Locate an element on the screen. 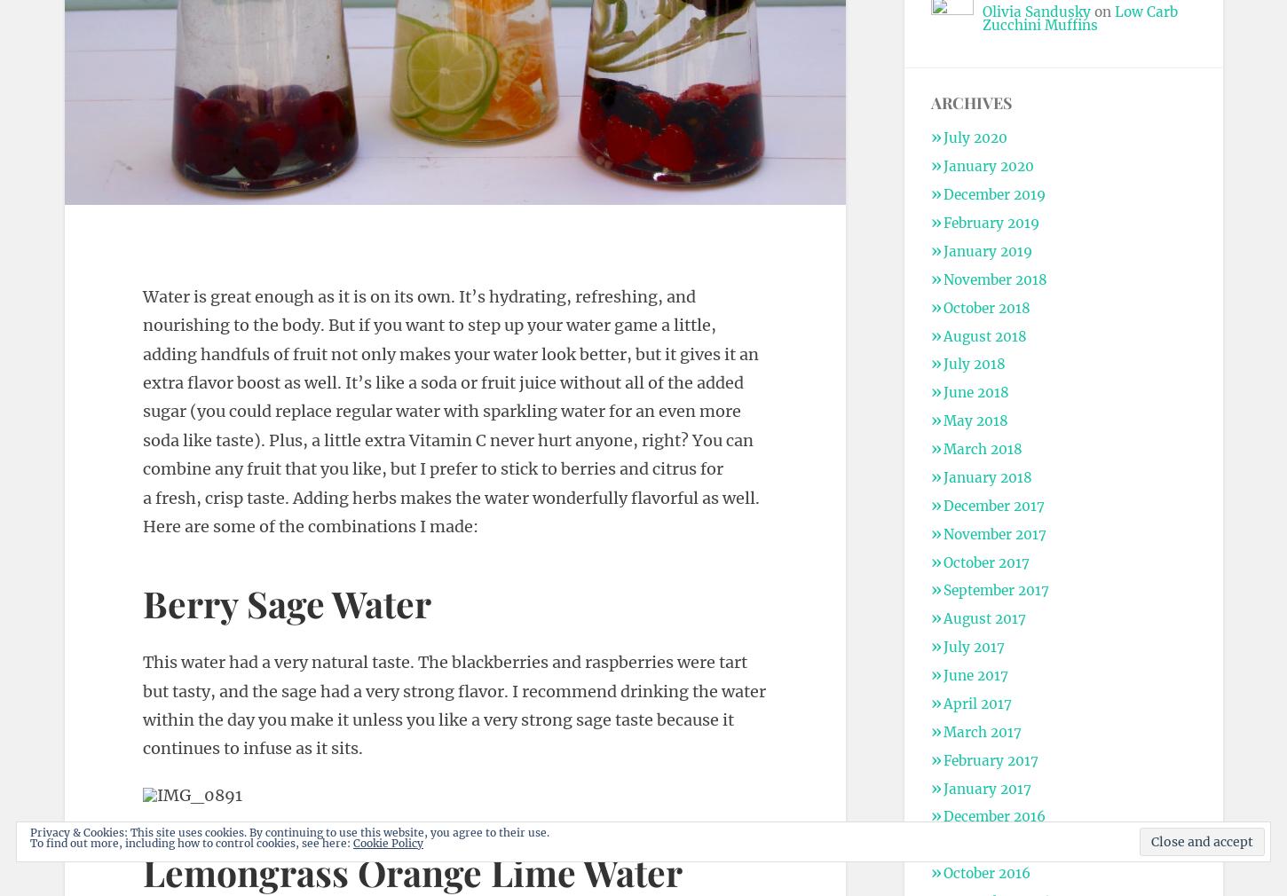  'Cookie Policy' is located at coordinates (387, 843).